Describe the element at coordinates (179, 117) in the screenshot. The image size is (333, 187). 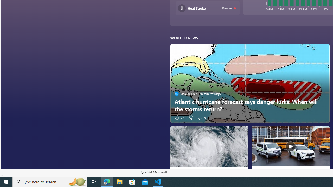
I see `'72 Like'` at that location.